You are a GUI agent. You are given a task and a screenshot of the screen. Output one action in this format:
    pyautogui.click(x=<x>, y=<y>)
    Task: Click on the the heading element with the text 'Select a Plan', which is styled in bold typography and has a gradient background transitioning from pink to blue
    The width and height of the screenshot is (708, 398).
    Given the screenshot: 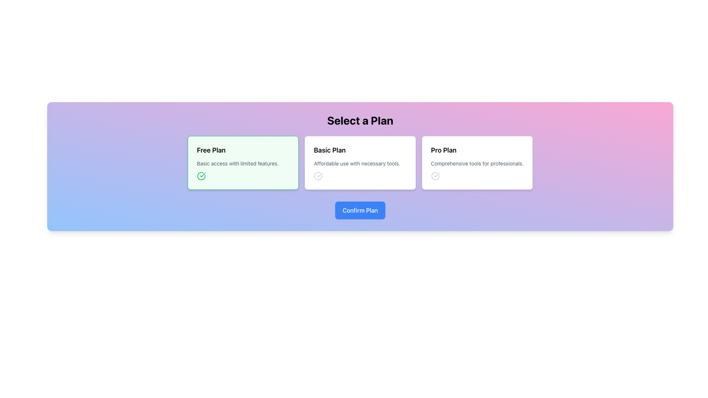 What is the action you would take?
    pyautogui.click(x=360, y=120)
    